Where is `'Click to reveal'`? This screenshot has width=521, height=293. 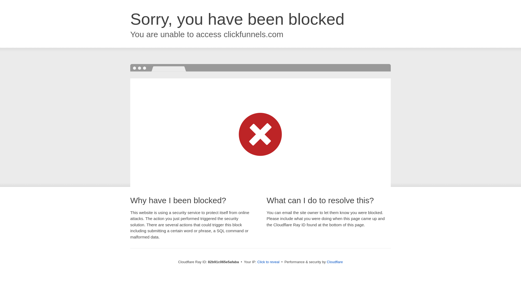 'Click to reveal' is located at coordinates (268, 262).